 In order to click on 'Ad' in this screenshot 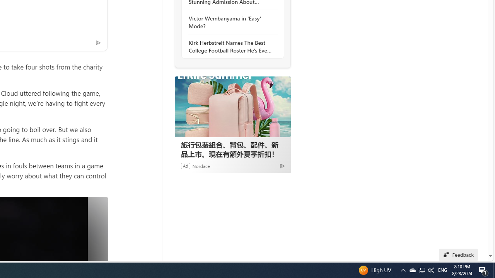, I will do `click(185, 165)`.